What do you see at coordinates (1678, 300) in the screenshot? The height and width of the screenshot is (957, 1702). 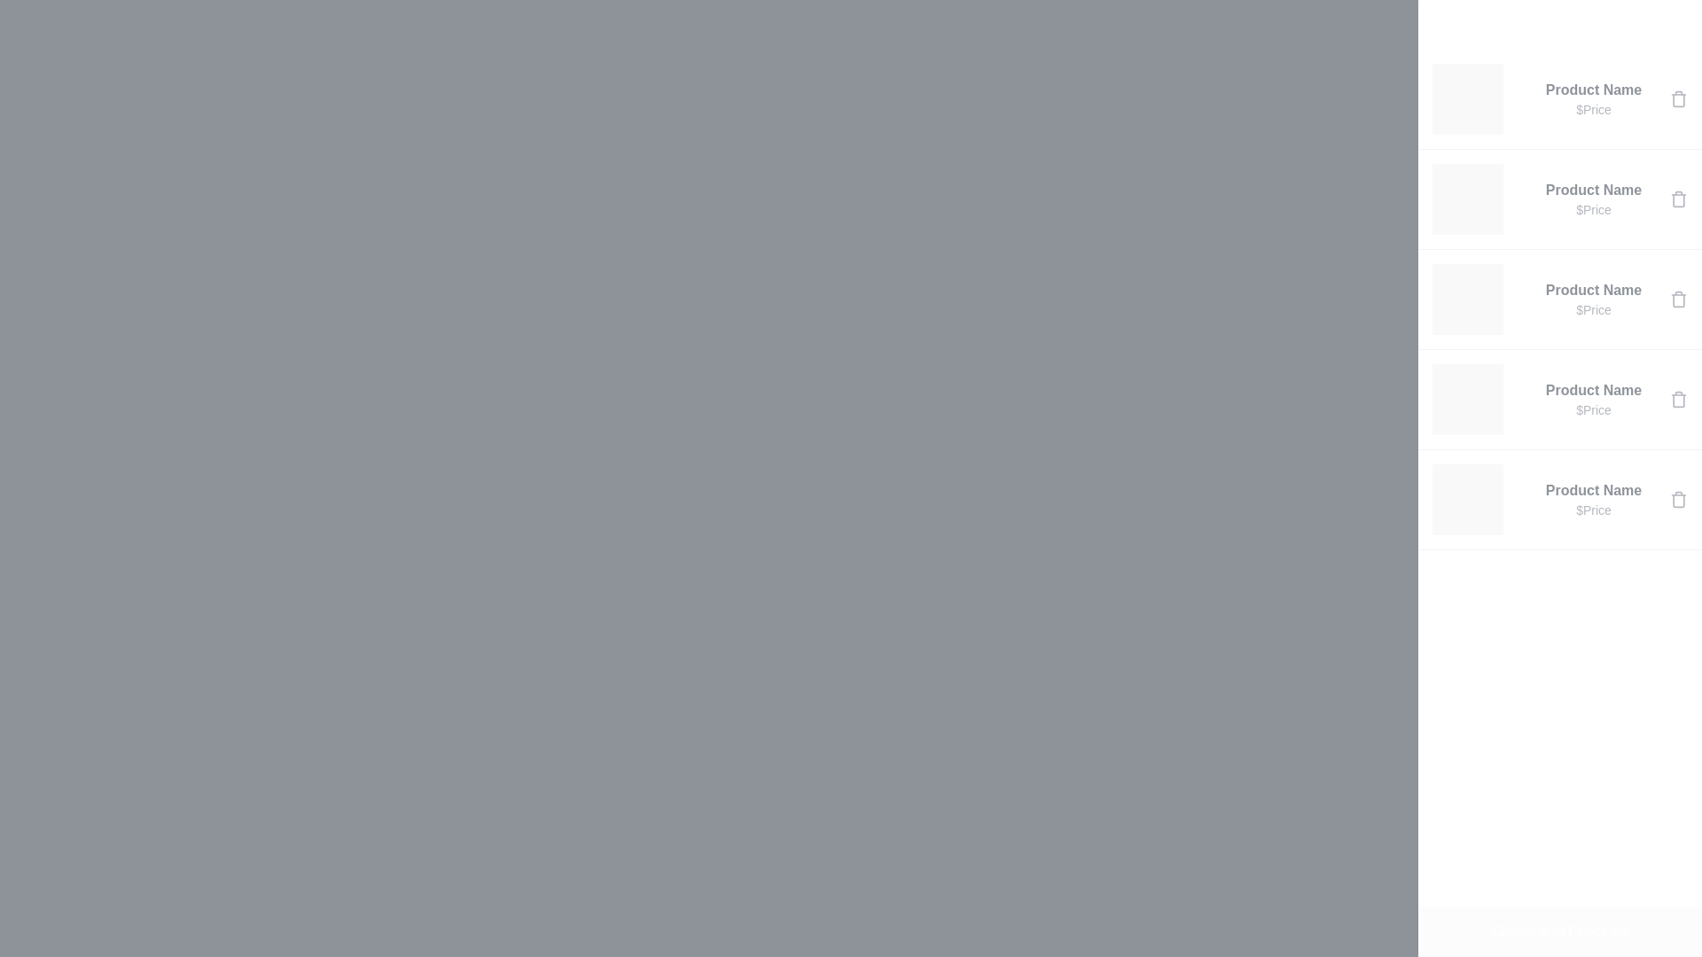 I see `the body of the trash bin icon located to the right of the third product entry in the list` at bounding box center [1678, 300].